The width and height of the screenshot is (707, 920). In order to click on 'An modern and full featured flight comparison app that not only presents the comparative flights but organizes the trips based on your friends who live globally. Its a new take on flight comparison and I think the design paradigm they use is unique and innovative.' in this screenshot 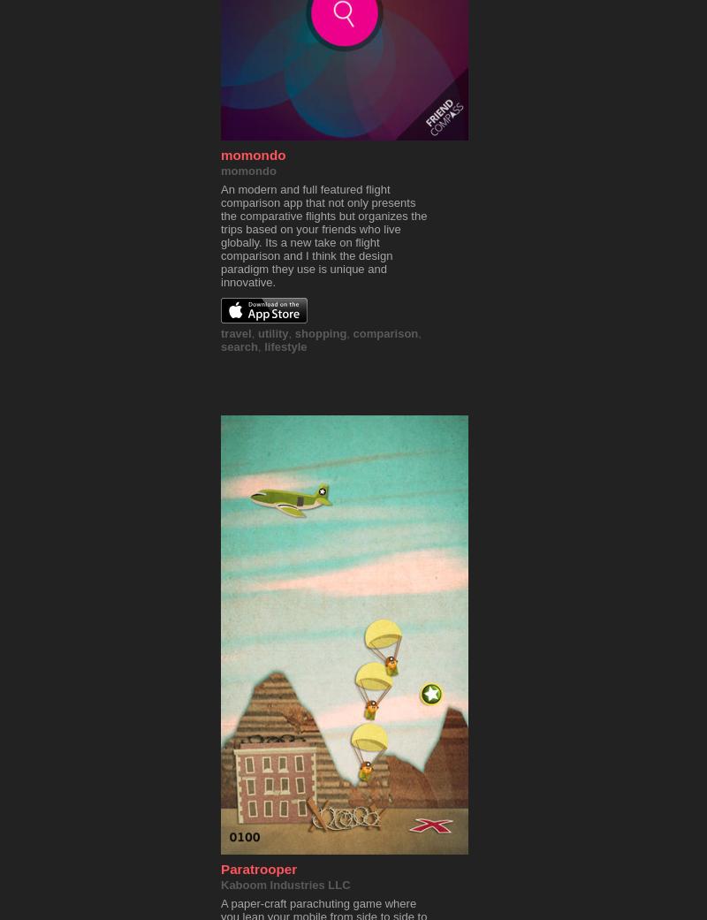, I will do `click(220, 235)`.